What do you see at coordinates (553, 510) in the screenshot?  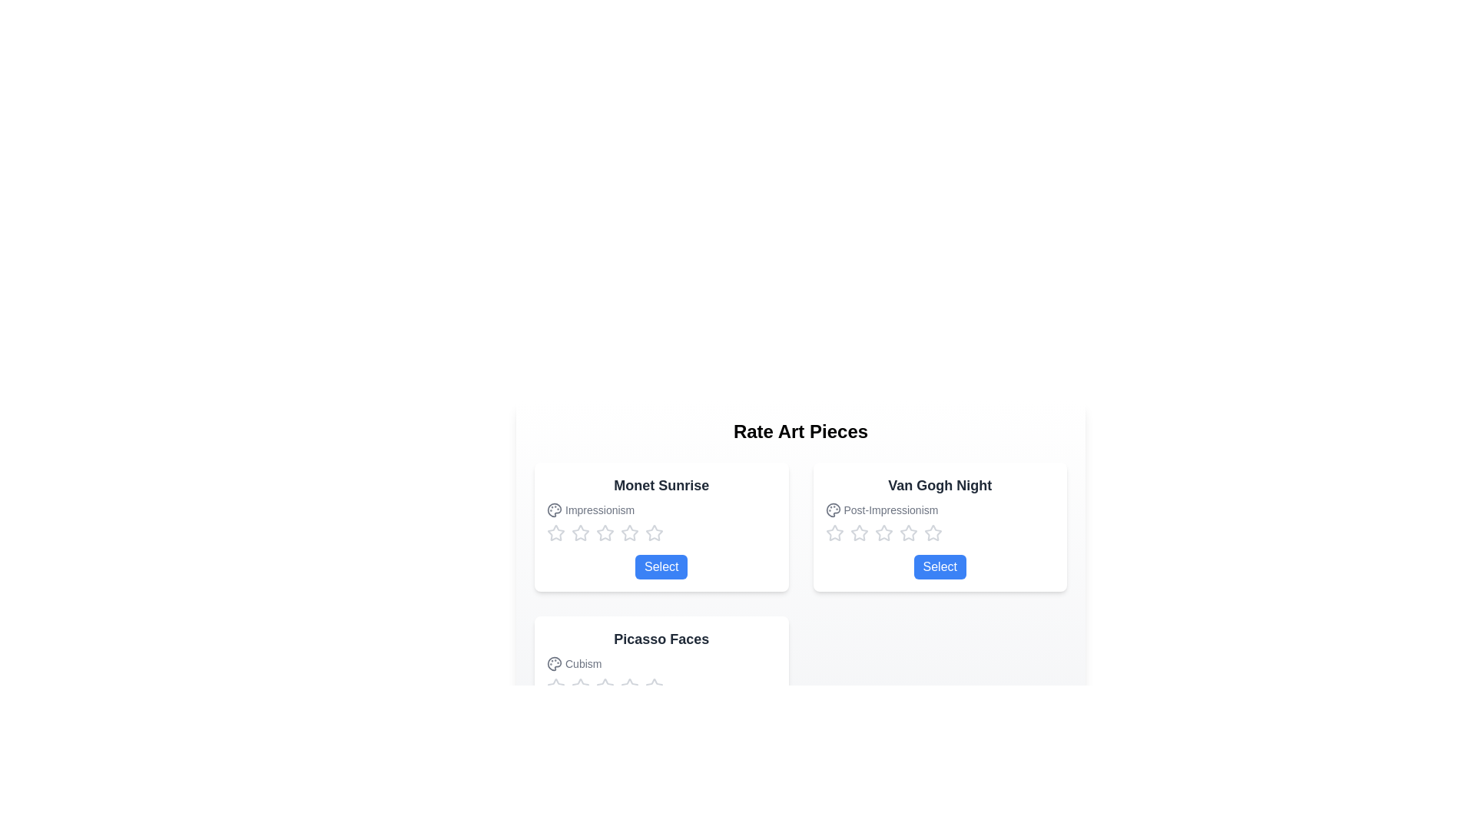 I see `the decorative icon resembling an artist's palette located on the left side under the title 'Monet Sunrise' in the first card of the options` at bounding box center [553, 510].